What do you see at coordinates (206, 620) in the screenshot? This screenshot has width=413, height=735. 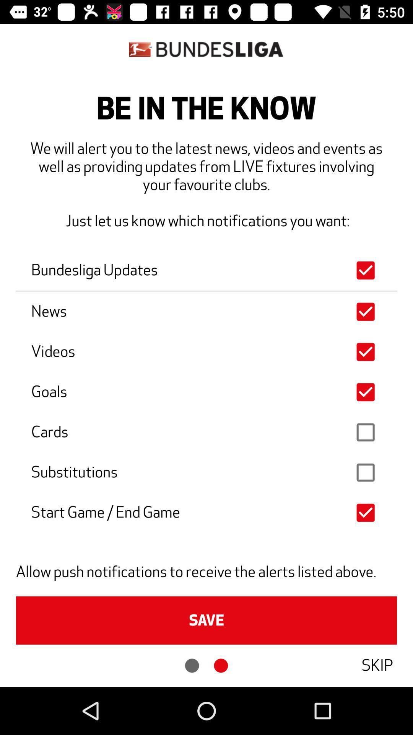 I see `item above the skip icon` at bounding box center [206, 620].